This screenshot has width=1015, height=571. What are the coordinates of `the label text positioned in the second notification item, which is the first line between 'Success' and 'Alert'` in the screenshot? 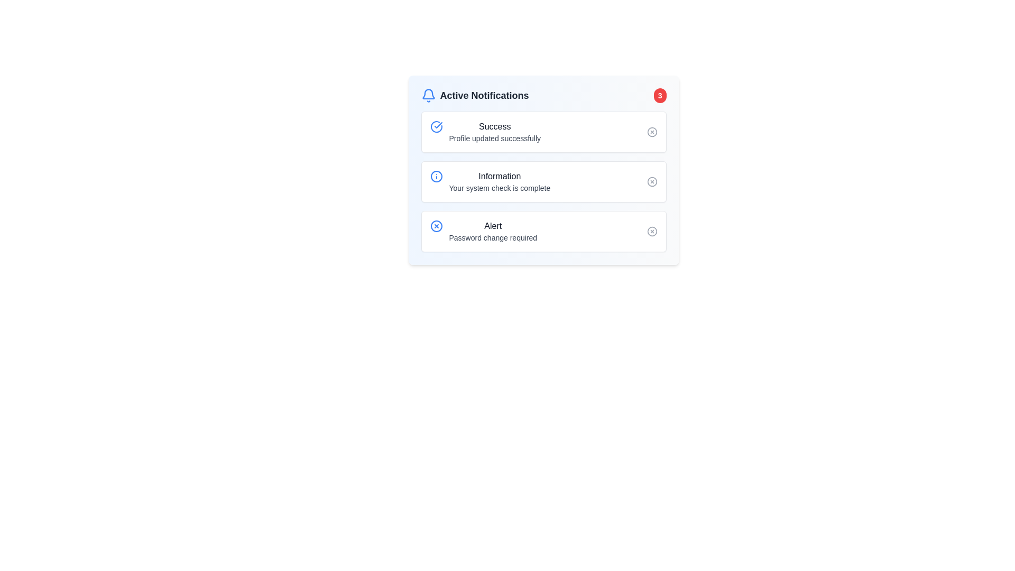 It's located at (499, 176).